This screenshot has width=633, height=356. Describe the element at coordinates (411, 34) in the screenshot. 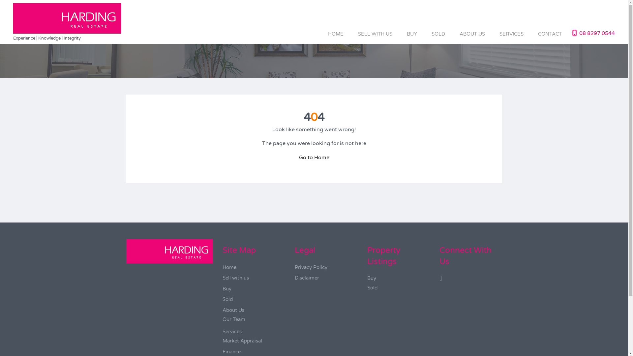

I see `'BUY'` at that location.